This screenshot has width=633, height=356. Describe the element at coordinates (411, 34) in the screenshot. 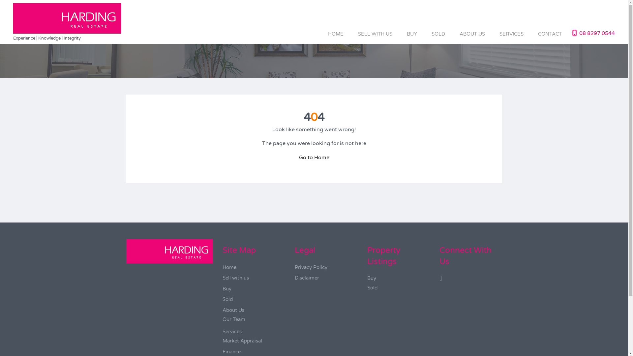

I see `'BUY'` at that location.